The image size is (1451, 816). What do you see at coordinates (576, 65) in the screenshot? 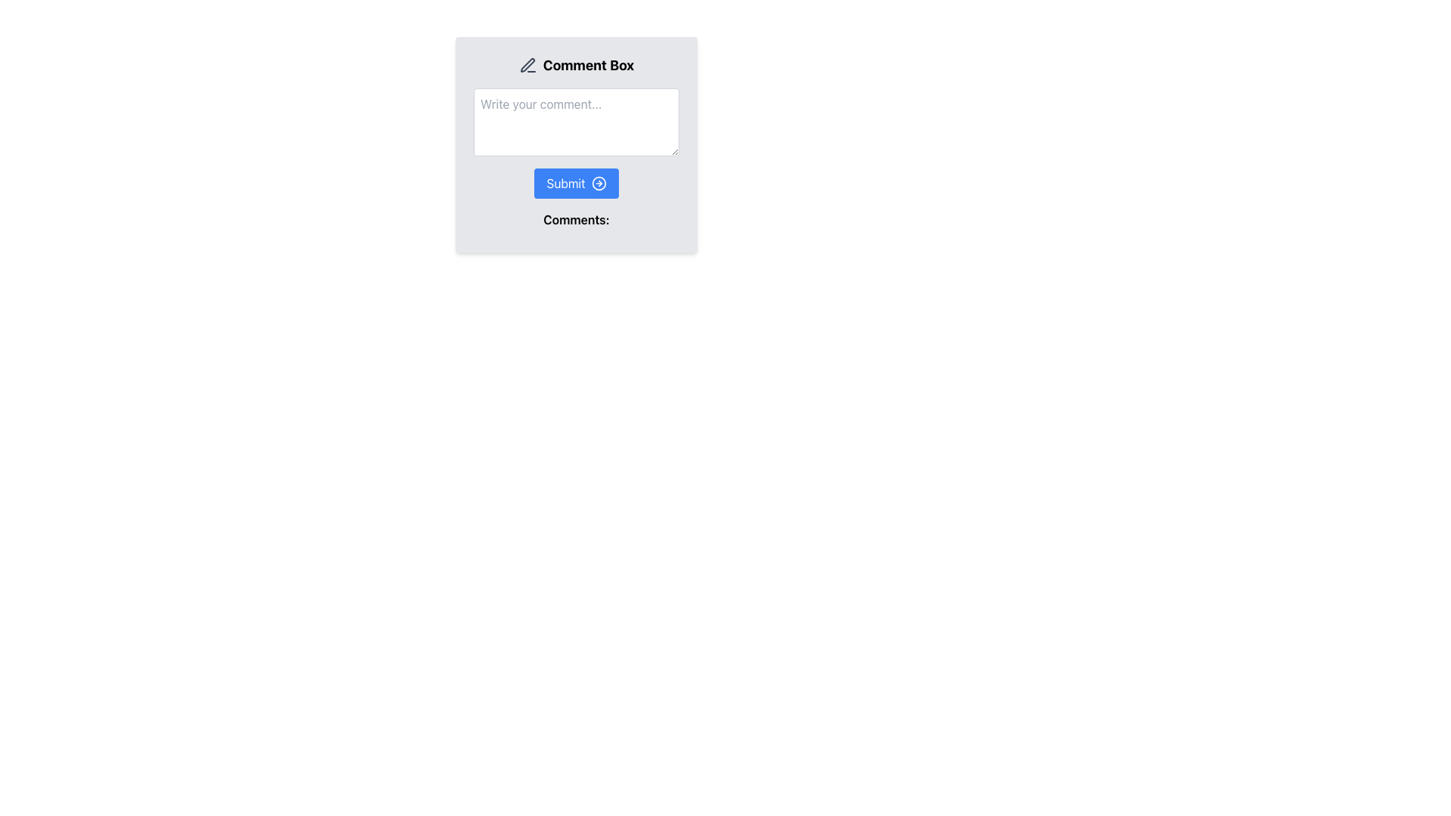
I see `the icon of the label located at the top of the comment input section for additional options` at bounding box center [576, 65].